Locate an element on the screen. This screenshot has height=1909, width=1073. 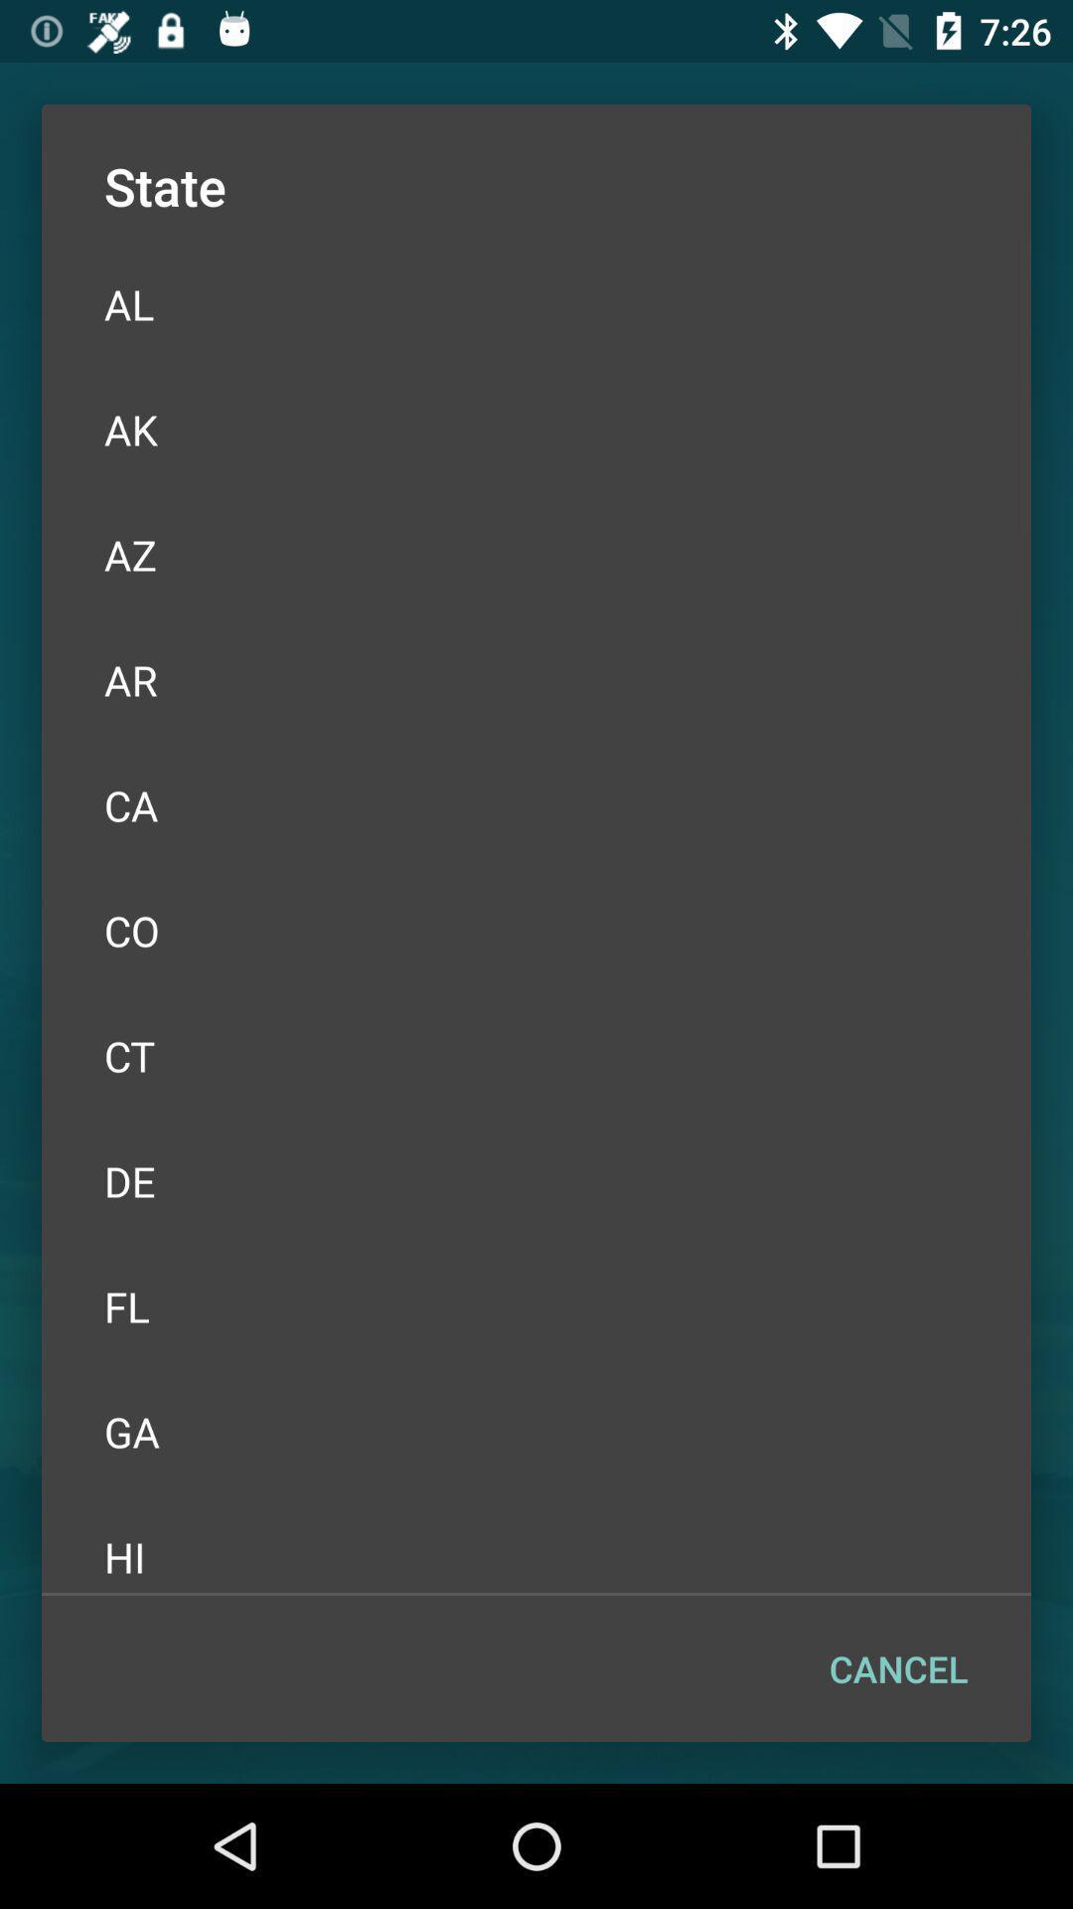
the hi is located at coordinates (536, 1544).